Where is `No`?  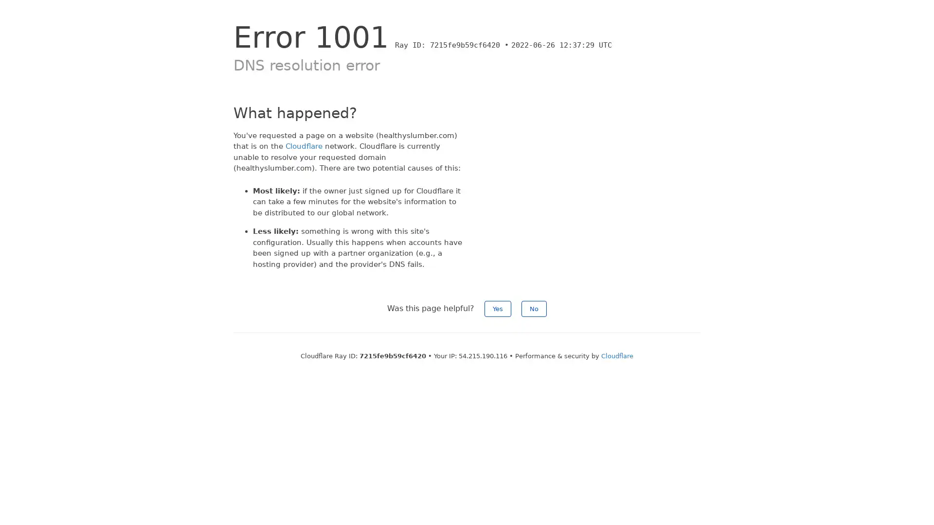
No is located at coordinates (534, 309).